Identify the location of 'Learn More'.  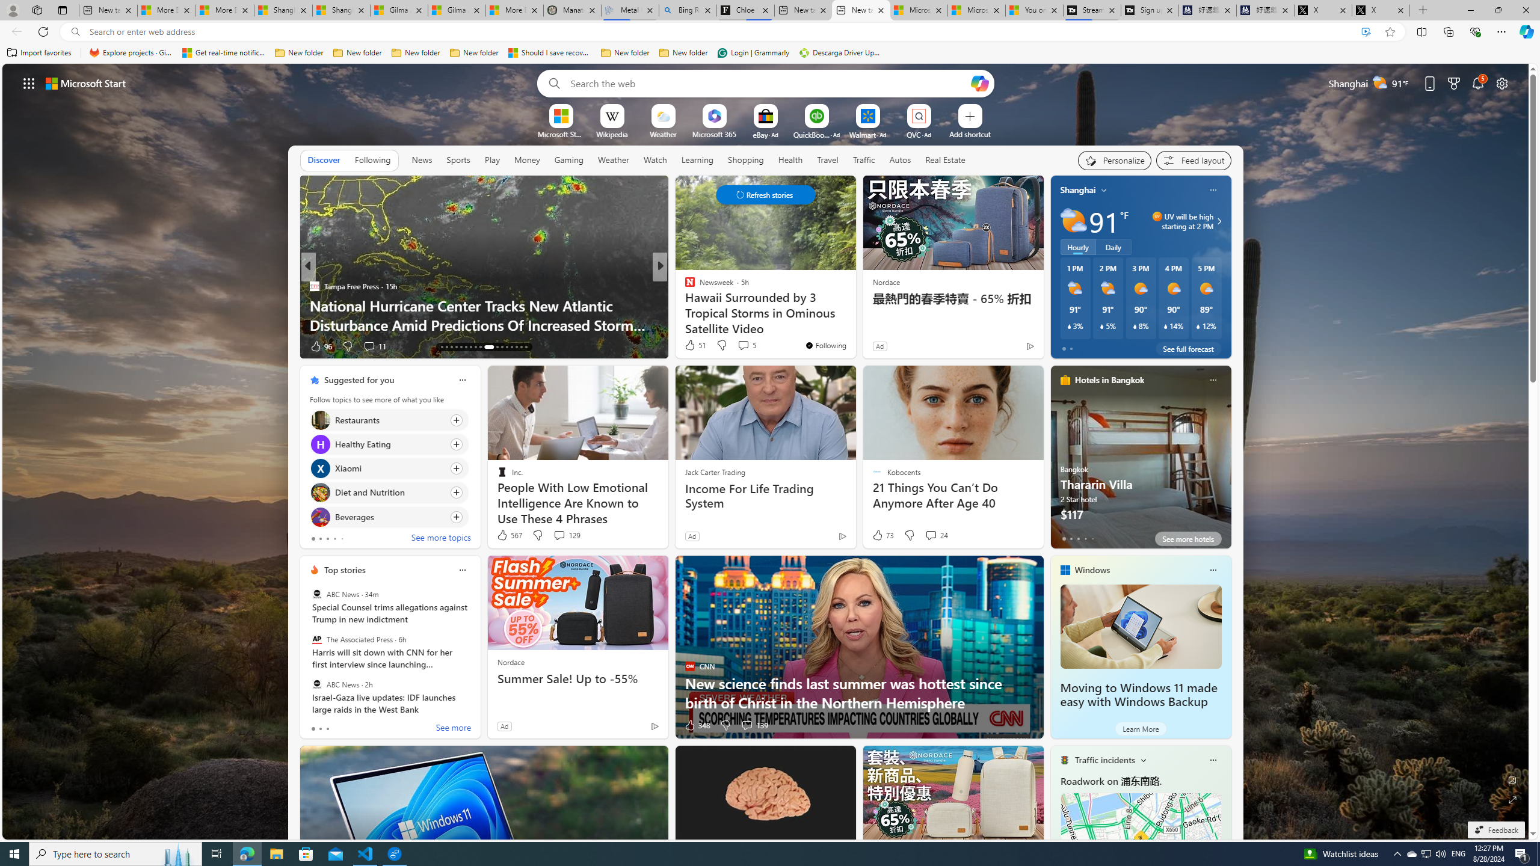
(1140, 728).